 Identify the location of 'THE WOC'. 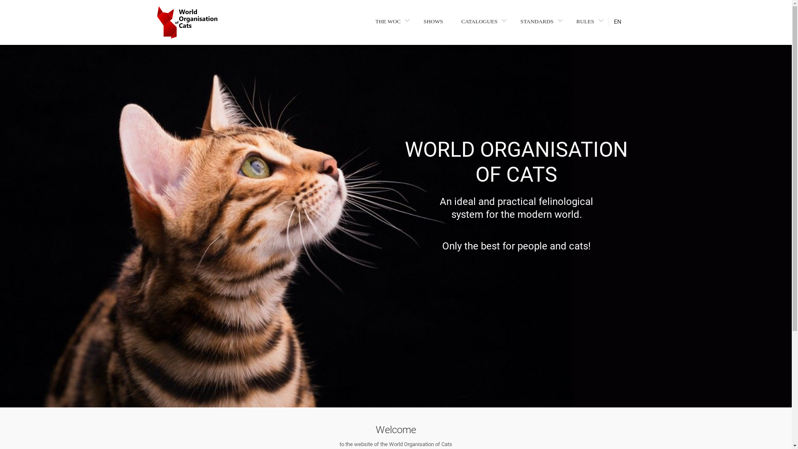
(372, 21).